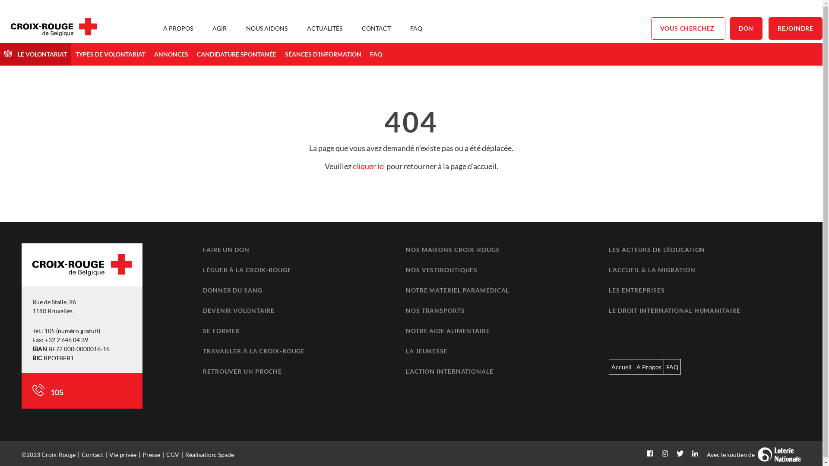 The width and height of the screenshot is (829, 466). I want to click on 'FAIRE UN DON', so click(203, 249).